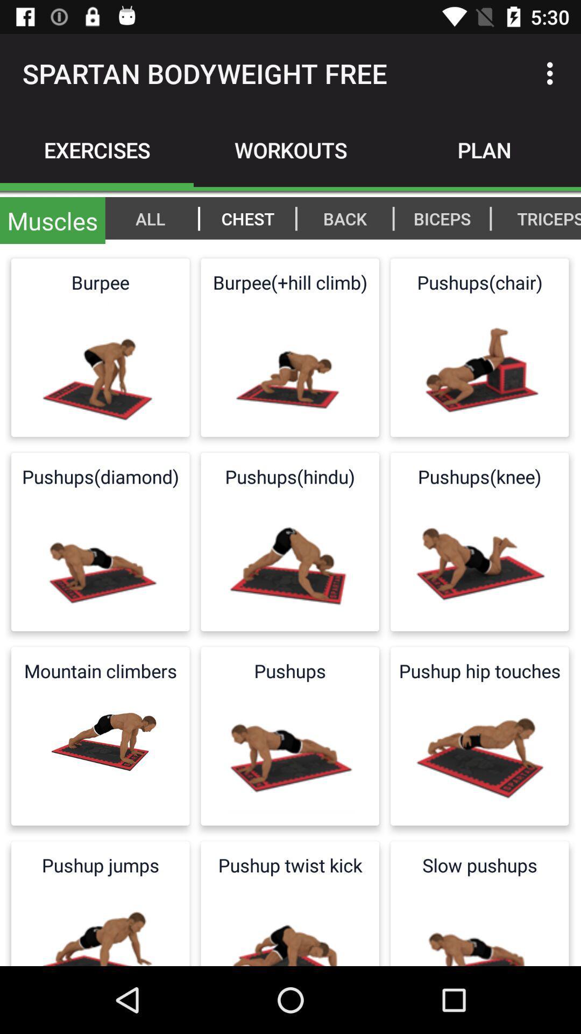  What do you see at coordinates (552, 73) in the screenshot?
I see `the item next to spartan bodyweight free item` at bounding box center [552, 73].